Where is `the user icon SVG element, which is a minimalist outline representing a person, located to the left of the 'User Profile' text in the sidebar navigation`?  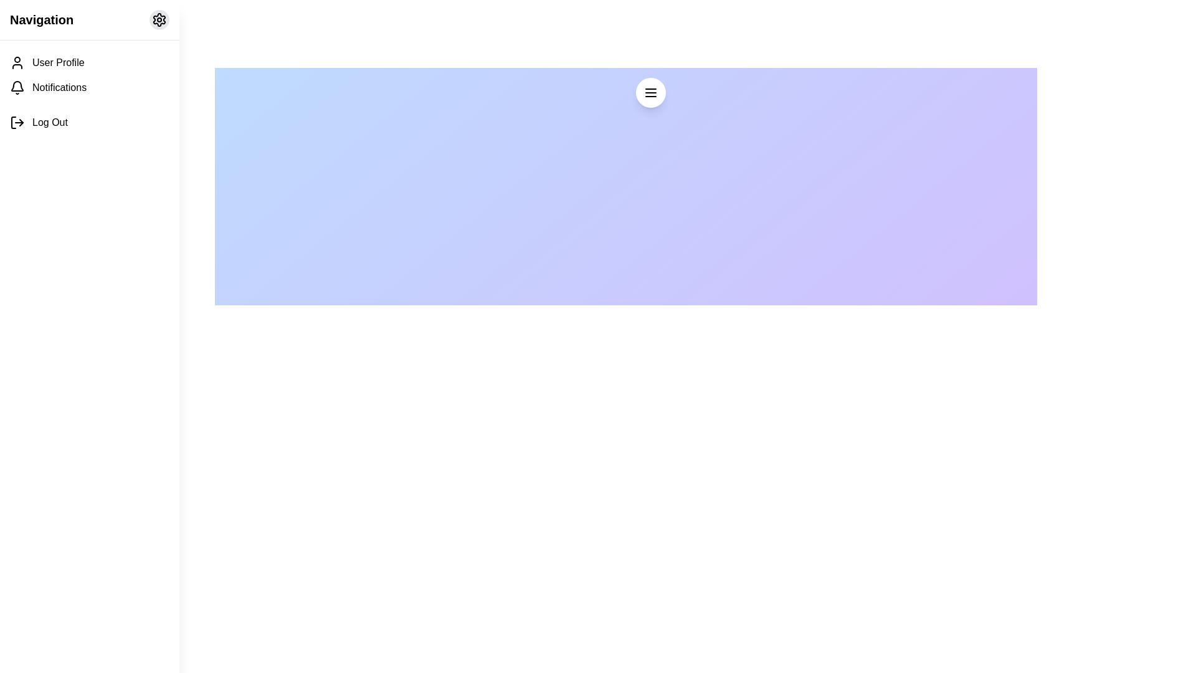 the user icon SVG element, which is a minimalist outline representing a person, located to the left of the 'User Profile' text in the sidebar navigation is located at coordinates (17, 62).